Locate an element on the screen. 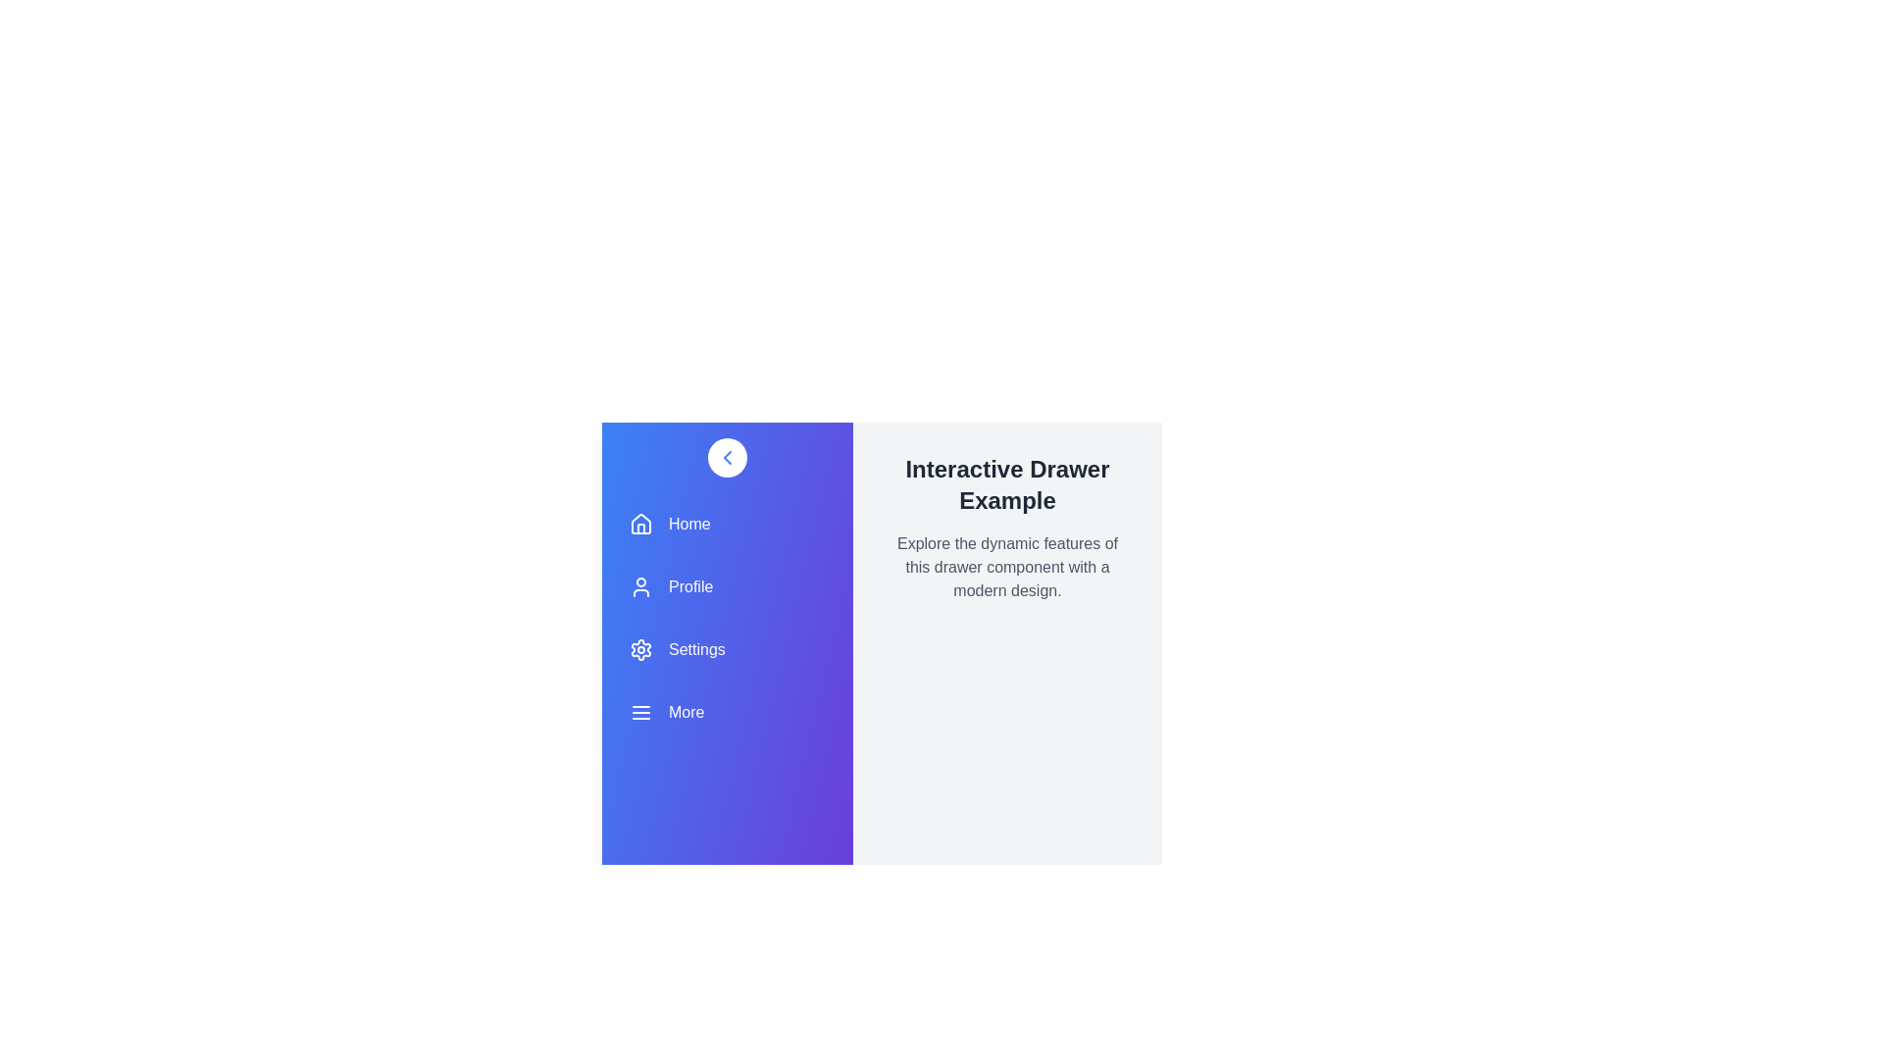 The image size is (1883, 1059). the navigation item labeled Profile is located at coordinates (727, 585).